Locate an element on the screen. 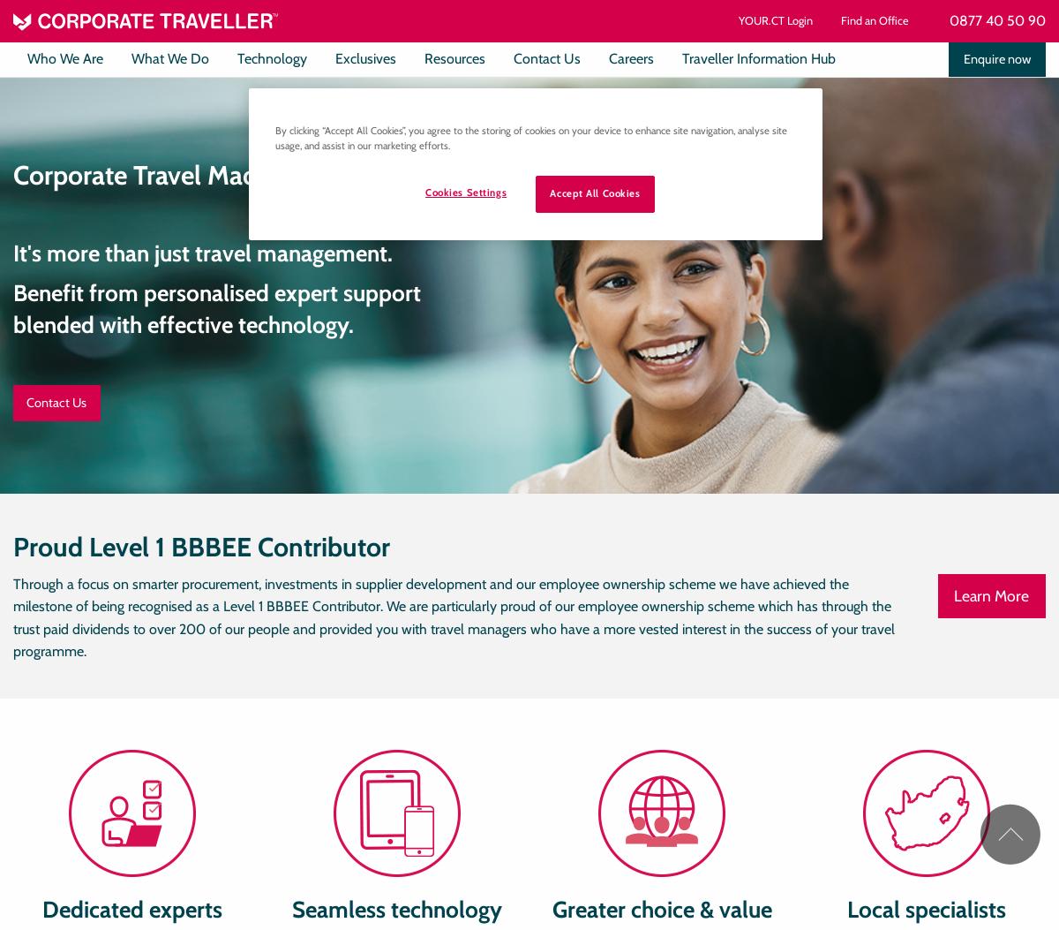 The width and height of the screenshot is (1059, 930). 'Careers' is located at coordinates (631, 57).